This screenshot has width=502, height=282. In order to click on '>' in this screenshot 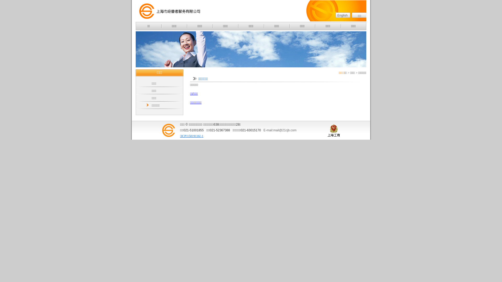, I will do `click(348, 73)`.